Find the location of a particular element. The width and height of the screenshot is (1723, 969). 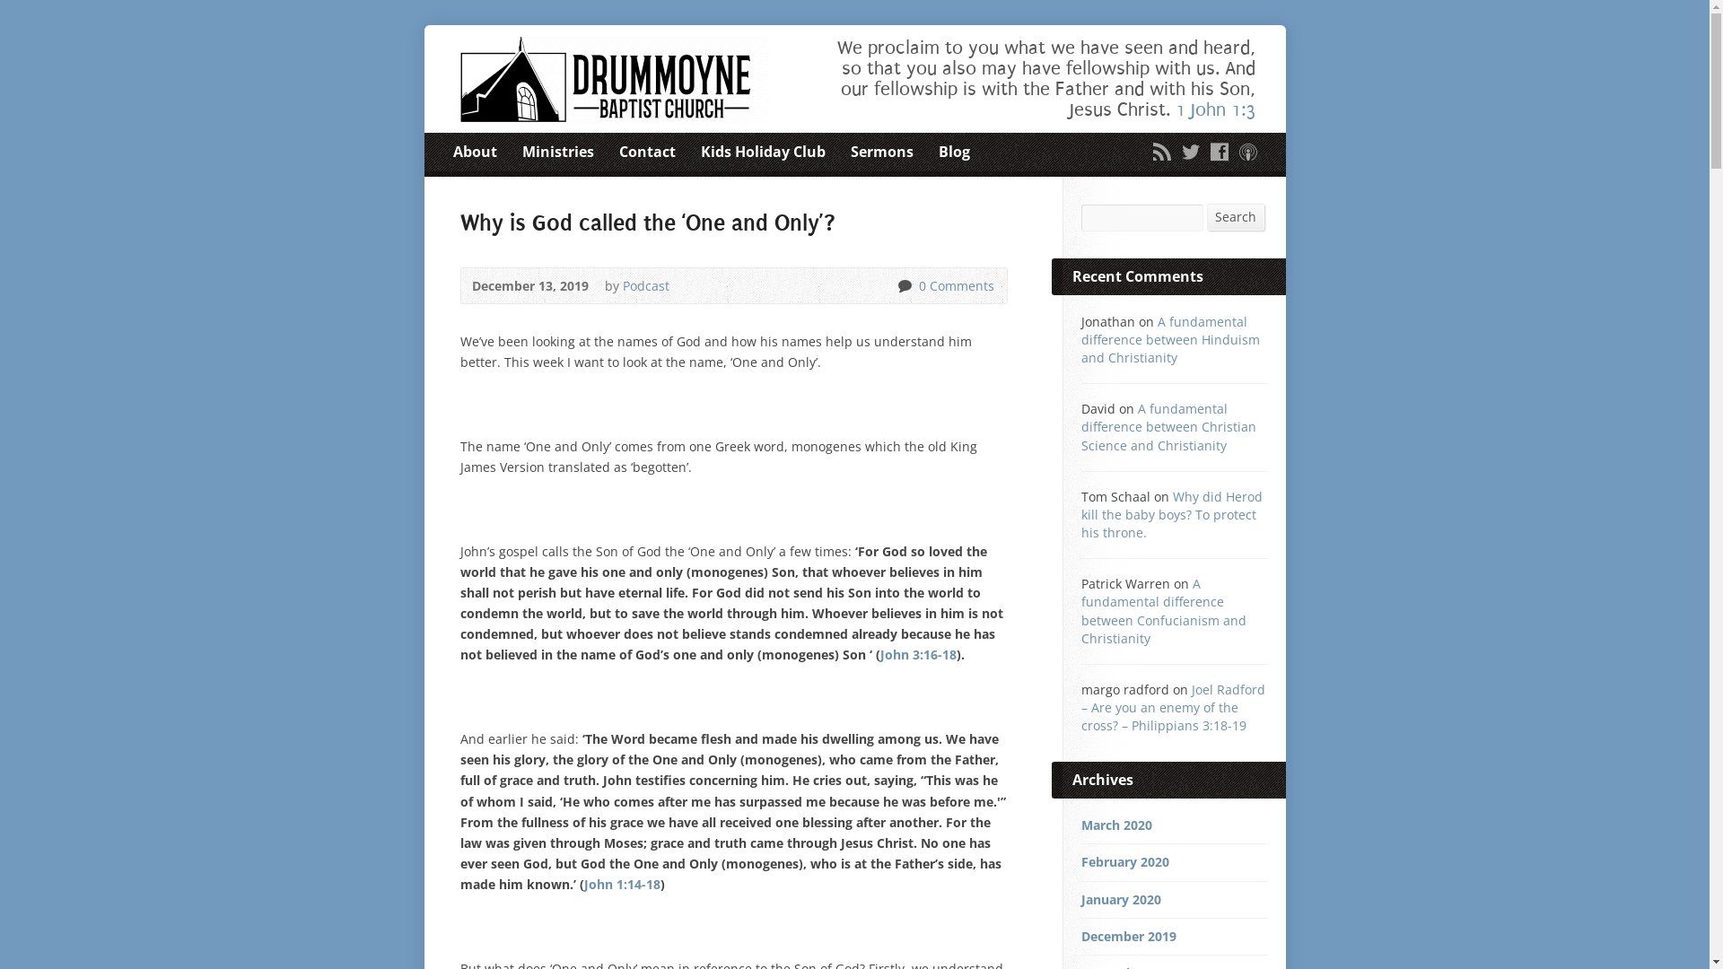

'February 2020' is located at coordinates (1123, 860).